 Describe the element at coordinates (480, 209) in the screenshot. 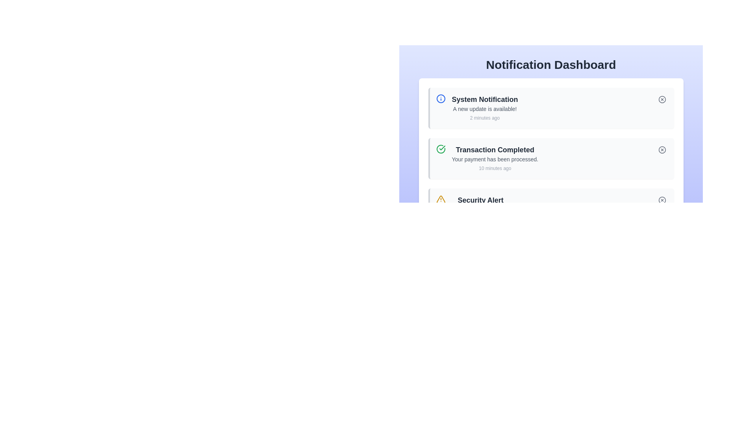

I see `the 'Security Alert' notification item, which contains the title 'Security Alert', subtext 'Unusual login detected.', and a timestamp '1 hour ago'. This notification is the third in a vertical list on the notification panel` at that location.